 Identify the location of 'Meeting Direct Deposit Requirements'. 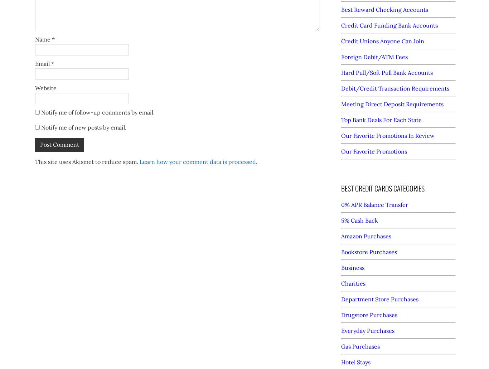
(392, 104).